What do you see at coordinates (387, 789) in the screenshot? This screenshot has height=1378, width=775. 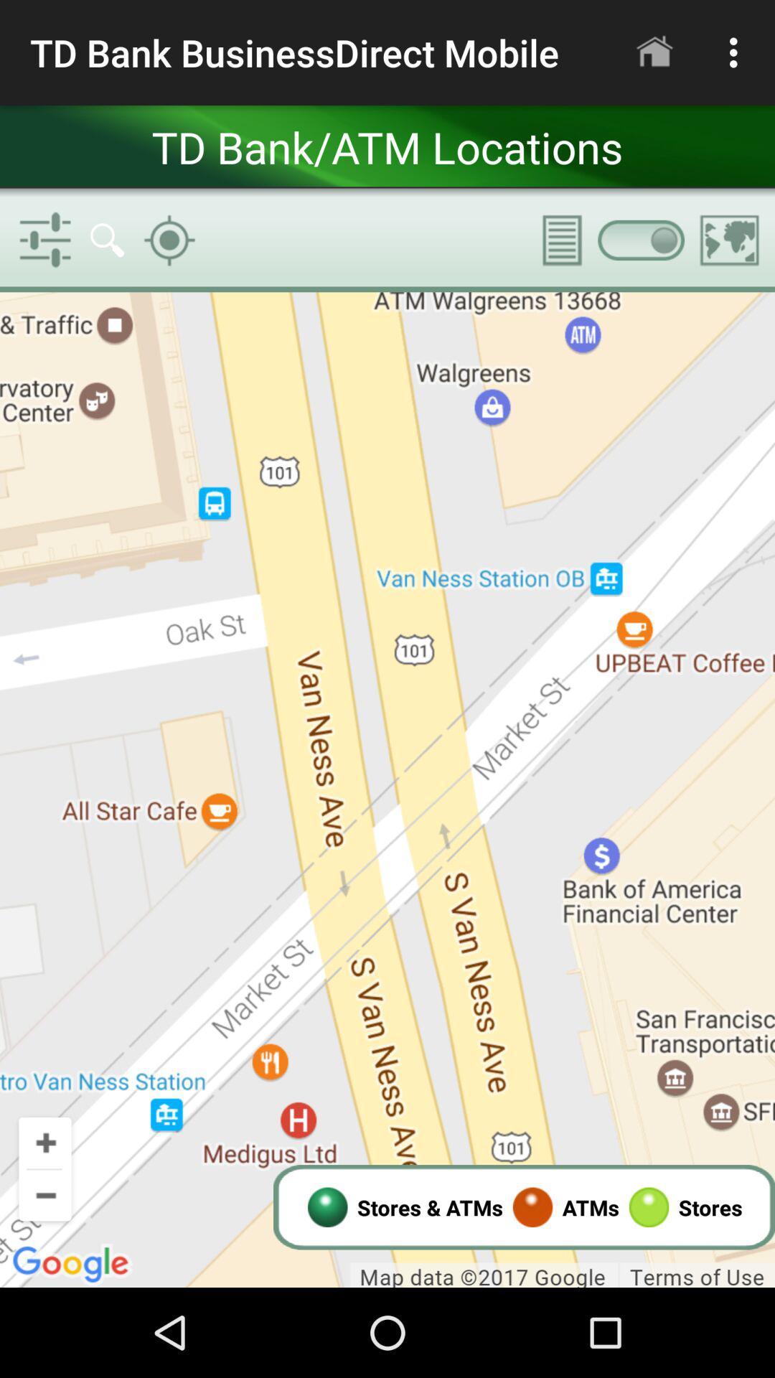 I see `move map` at bounding box center [387, 789].